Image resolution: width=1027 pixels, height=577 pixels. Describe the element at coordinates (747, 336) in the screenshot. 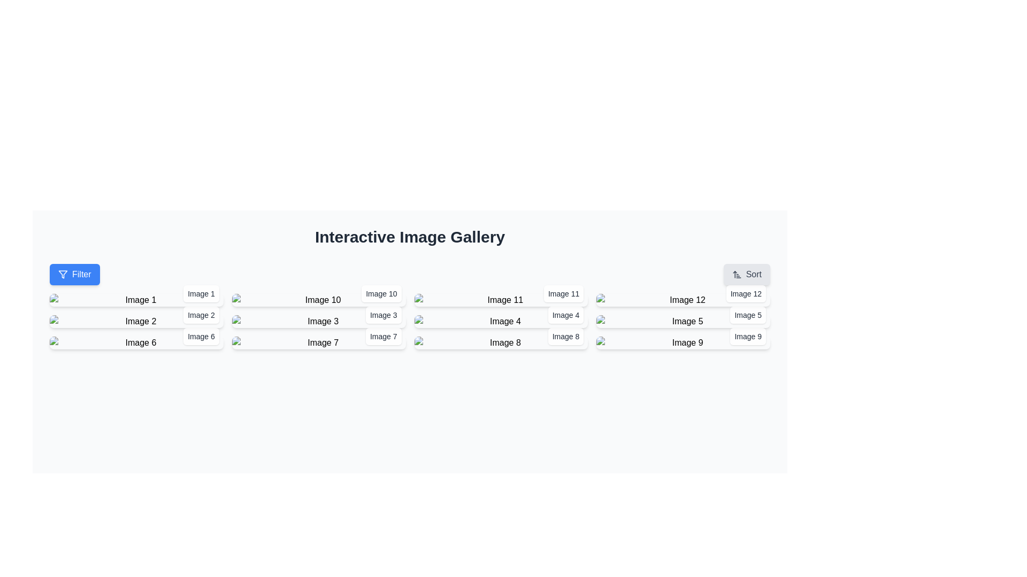

I see `text from the label containing 'Image 9' located at the bottom-right corner of the ninth image in the gallery` at that location.